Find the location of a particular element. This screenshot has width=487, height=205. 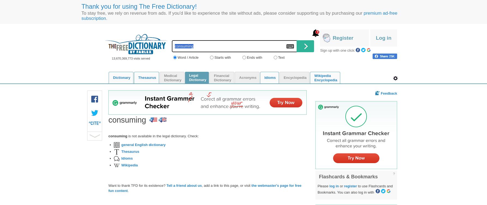

'Please' is located at coordinates (317, 185).